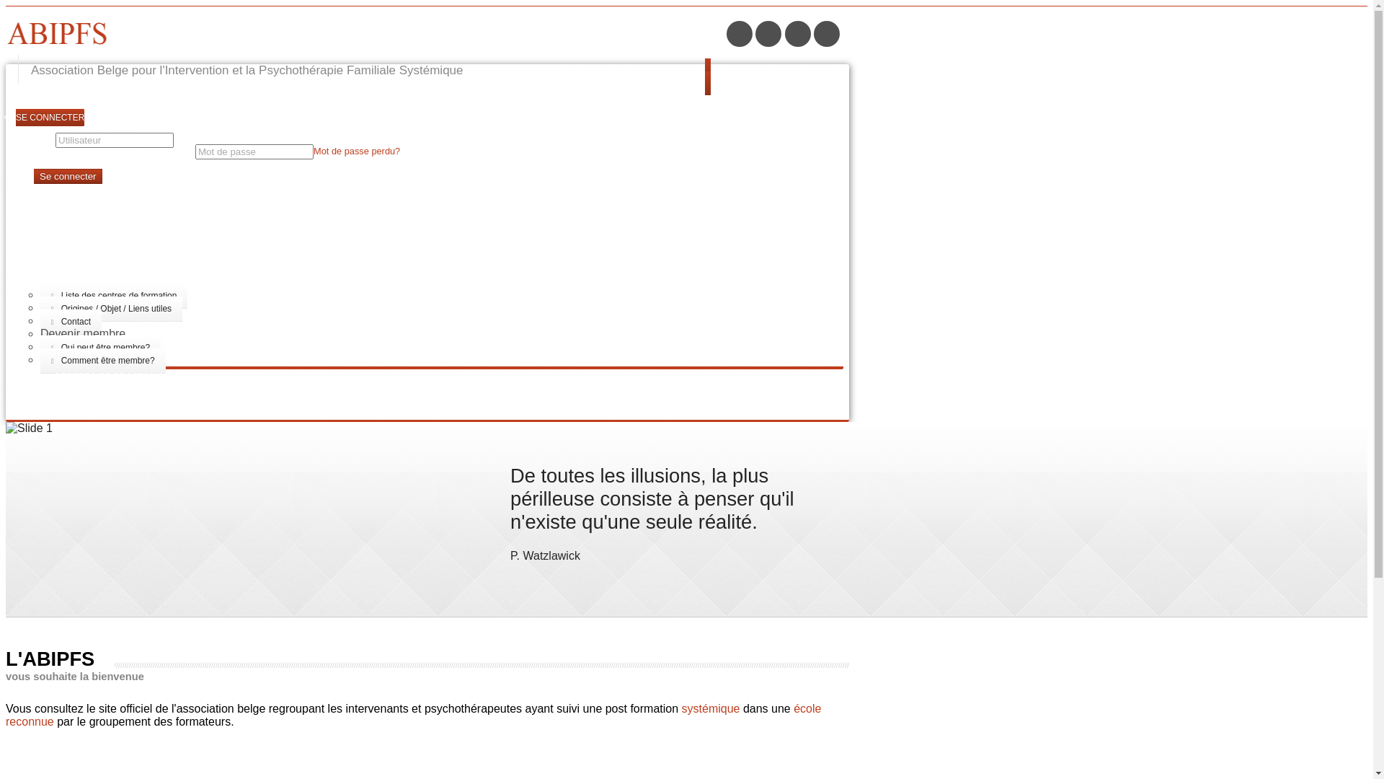 The image size is (1384, 779). Describe the element at coordinates (67, 175) in the screenshot. I see `'Se connecter'` at that location.